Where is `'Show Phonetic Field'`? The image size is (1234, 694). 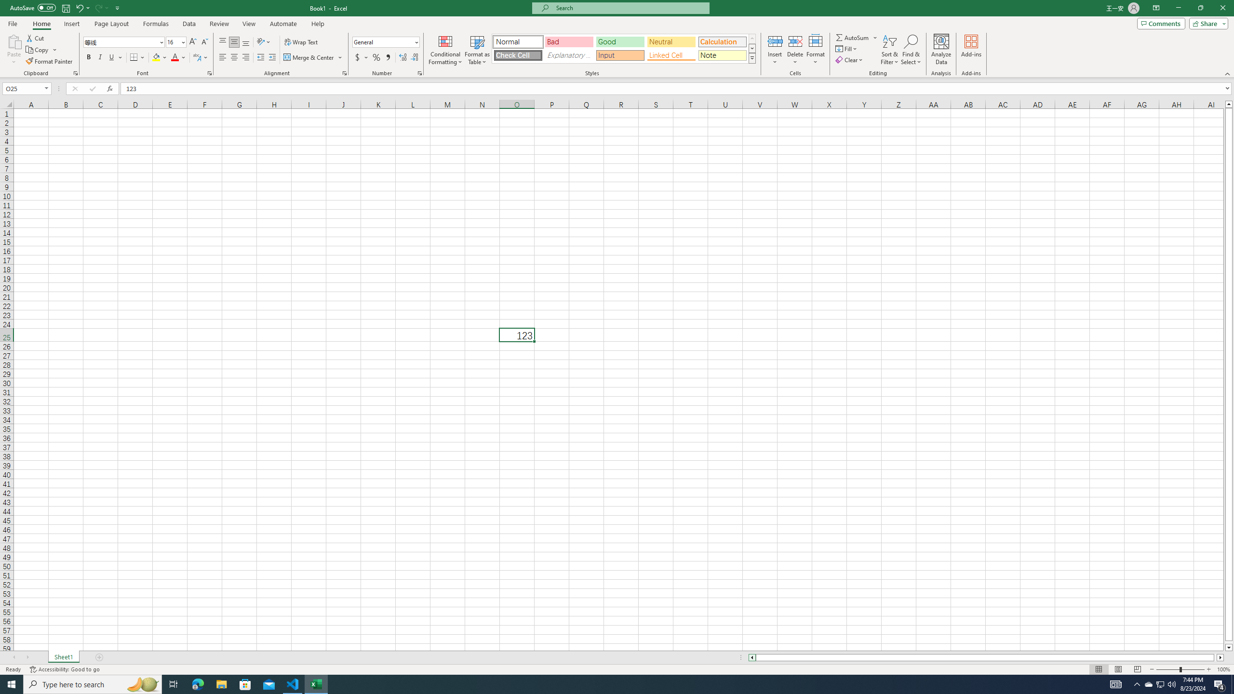
'Show Phonetic Field' is located at coordinates (200, 57).